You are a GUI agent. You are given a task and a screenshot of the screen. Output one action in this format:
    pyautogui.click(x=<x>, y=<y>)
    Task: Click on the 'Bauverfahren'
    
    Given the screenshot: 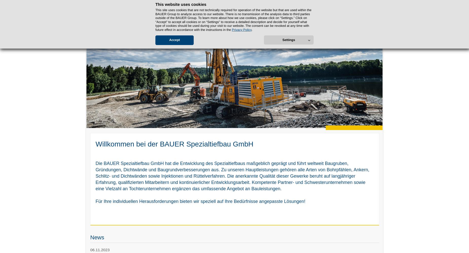 What is the action you would take?
    pyautogui.click(x=163, y=31)
    